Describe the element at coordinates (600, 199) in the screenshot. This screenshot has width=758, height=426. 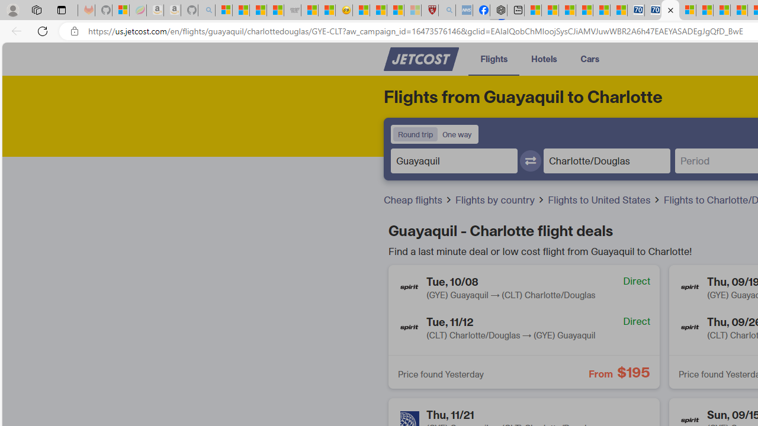
I see `'Flights to United States'` at that location.